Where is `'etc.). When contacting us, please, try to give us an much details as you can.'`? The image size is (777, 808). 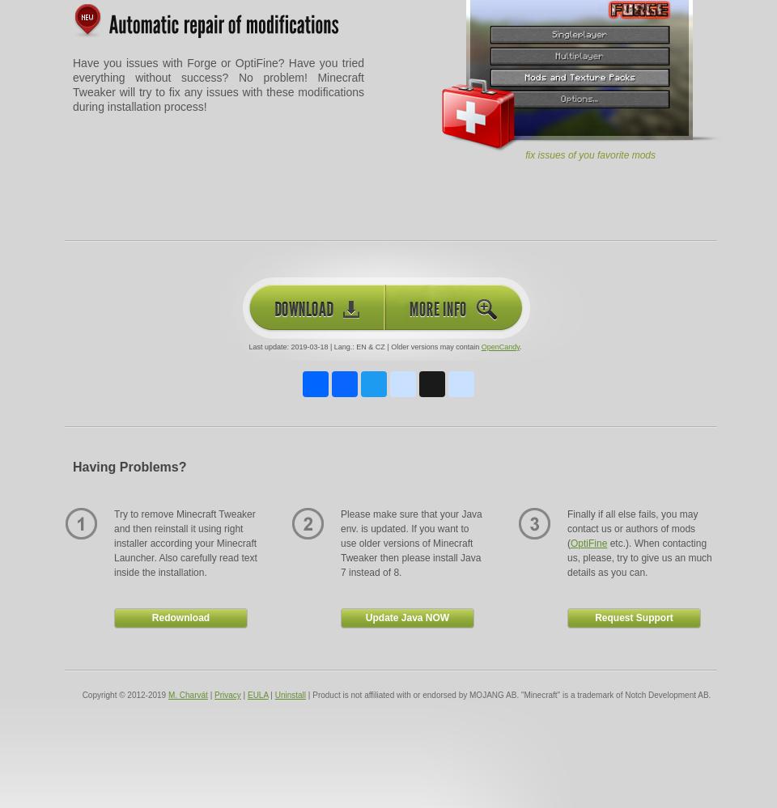 'etc.). When contacting us, please, try to give us an much details as you can.' is located at coordinates (567, 558).